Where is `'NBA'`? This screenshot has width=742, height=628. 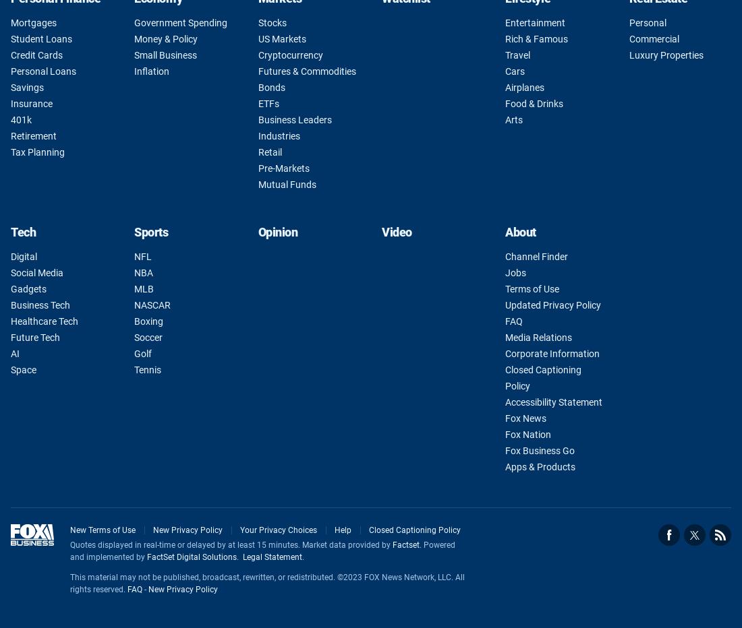 'NBA' is located at coordinates (143, 272).